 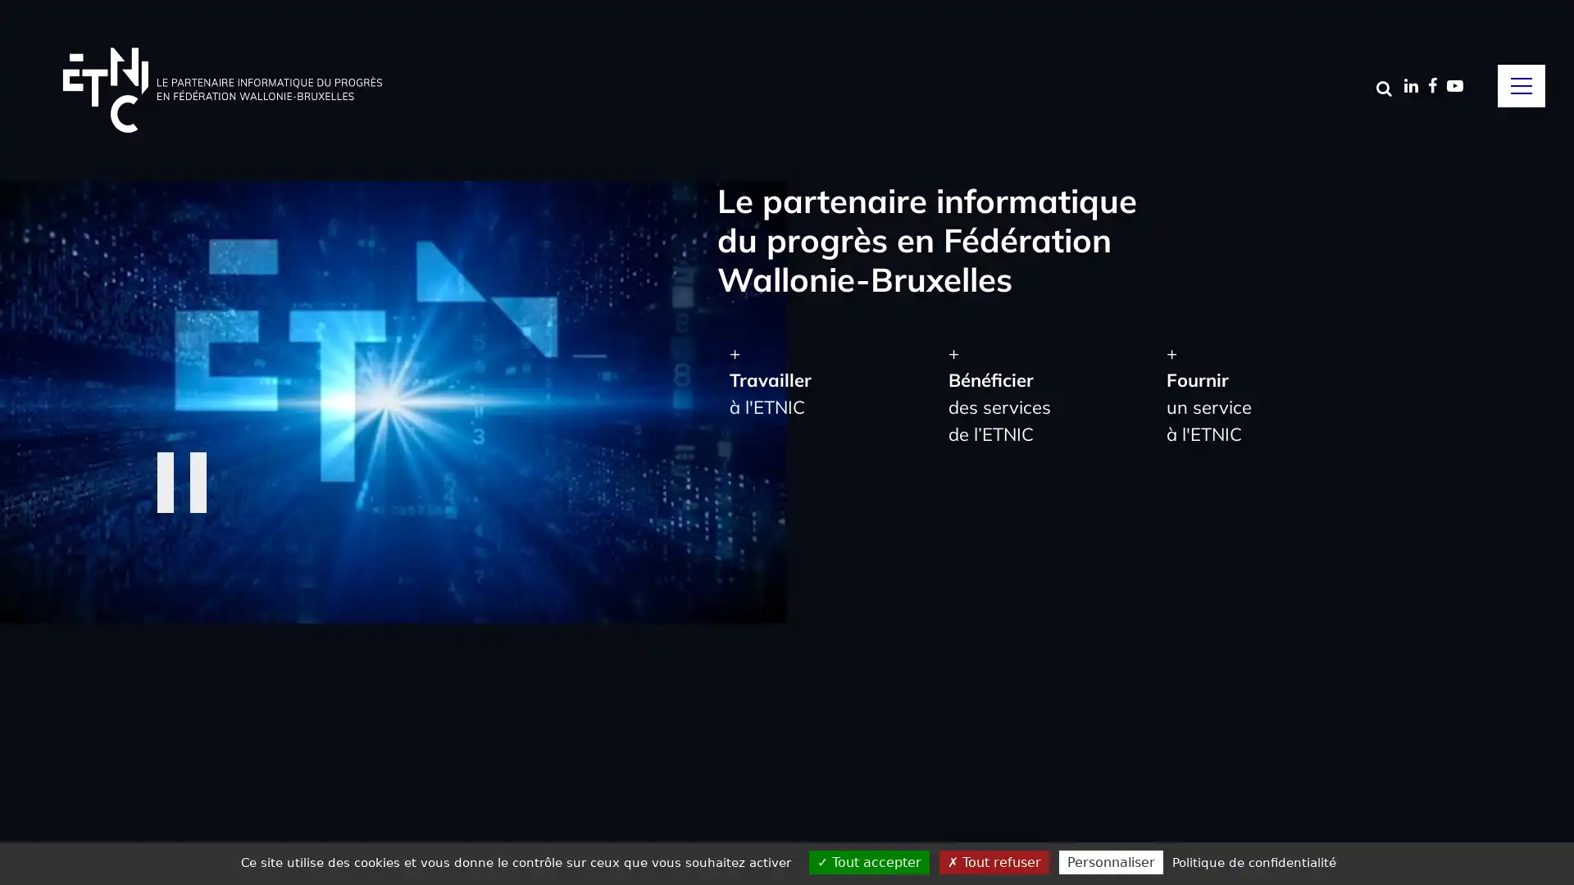 What do you see at coordinates (1253, 861) in the screenshot?
I see `Politique de confidentialite` at bounding box center [1253, 861].